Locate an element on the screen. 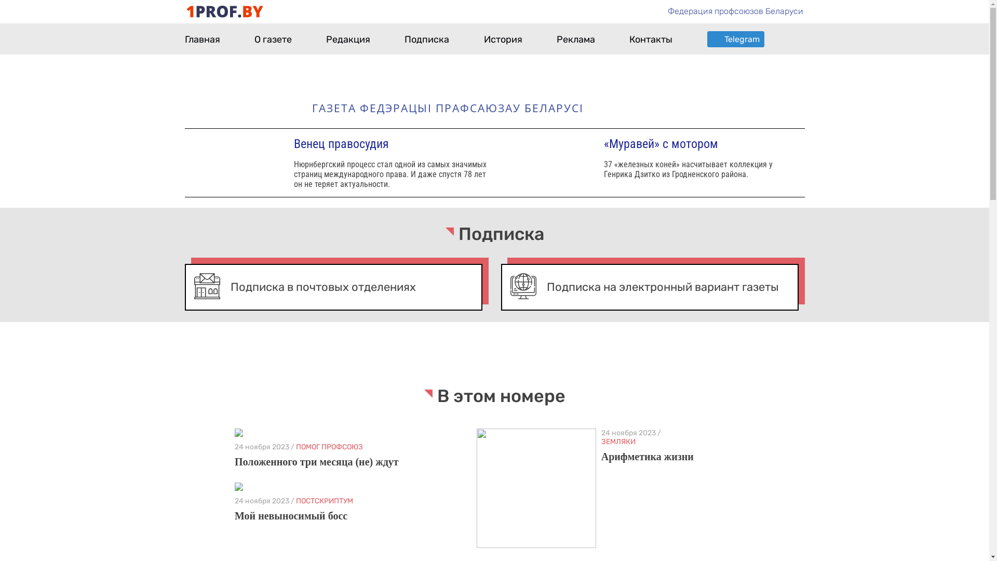 Image resolution: width=997 pixels, height=561 pixels. 'Telegram' is located at coordinates (707, 38).